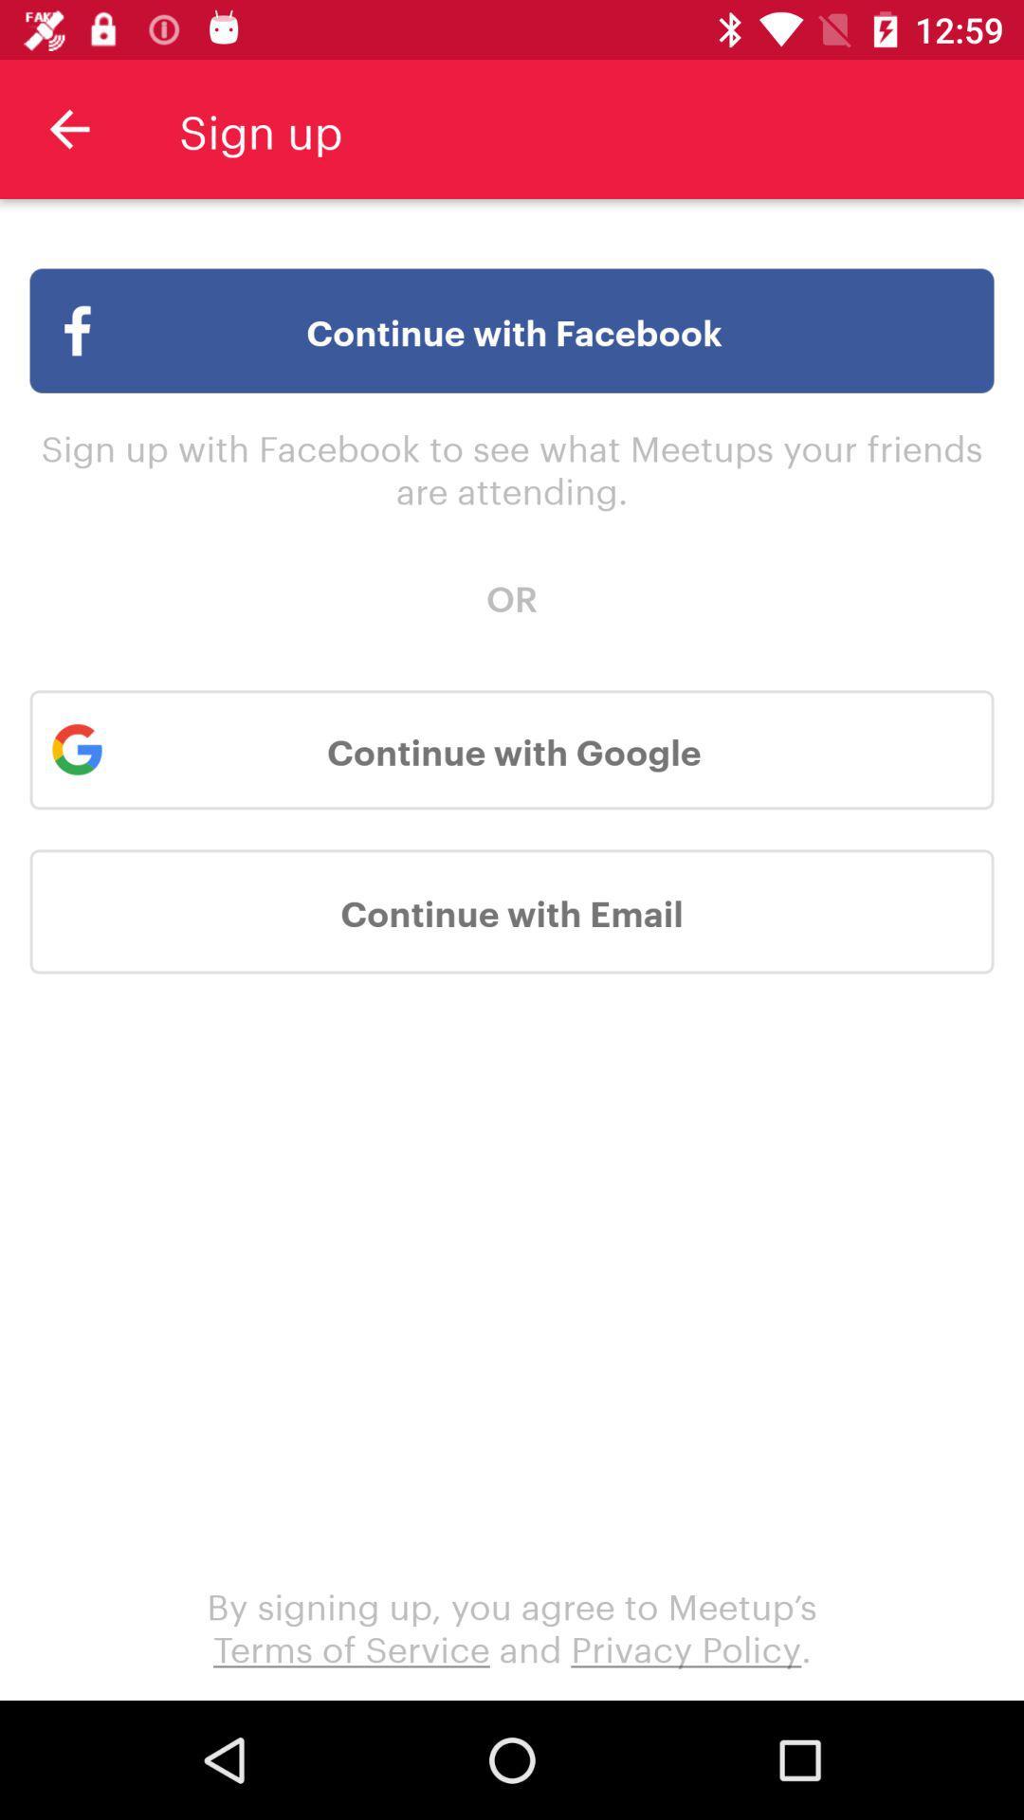 The image size is (1024, 1820). Describe the element at coordinates (68, 128) in the screenshot. I see `item to the left of the sign up icon` at that location.